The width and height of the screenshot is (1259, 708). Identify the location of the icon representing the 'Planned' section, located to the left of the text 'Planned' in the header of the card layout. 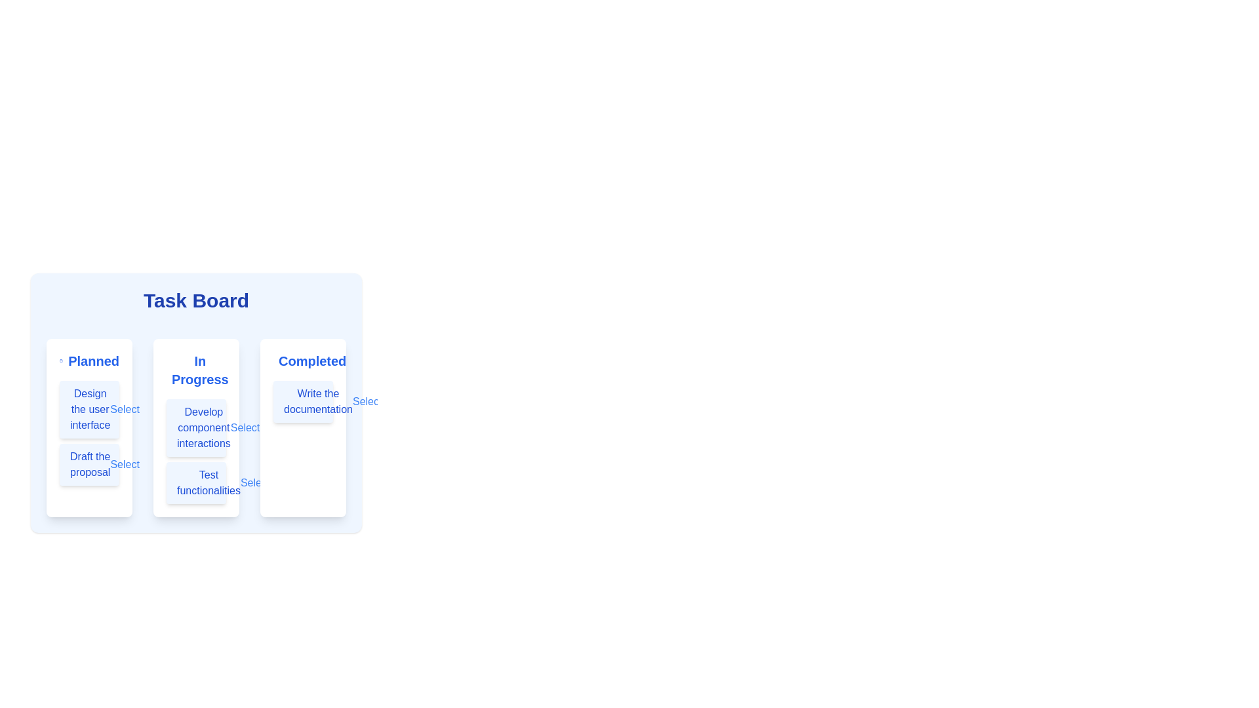
(60, 361).